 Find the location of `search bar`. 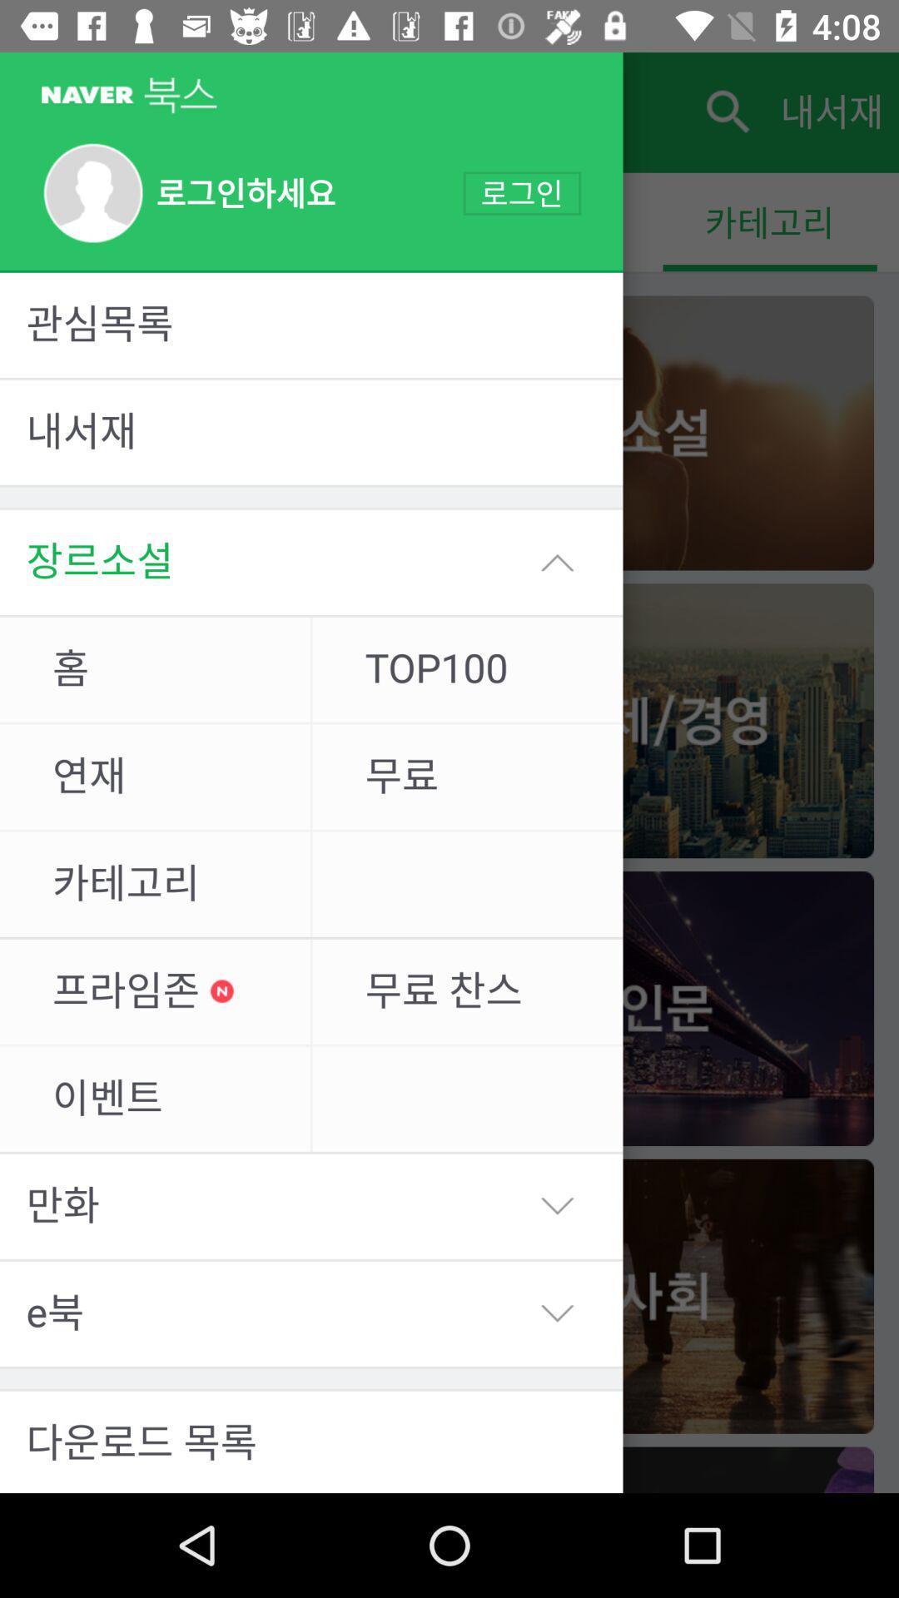

search bar is located at coordinates (724, 111).